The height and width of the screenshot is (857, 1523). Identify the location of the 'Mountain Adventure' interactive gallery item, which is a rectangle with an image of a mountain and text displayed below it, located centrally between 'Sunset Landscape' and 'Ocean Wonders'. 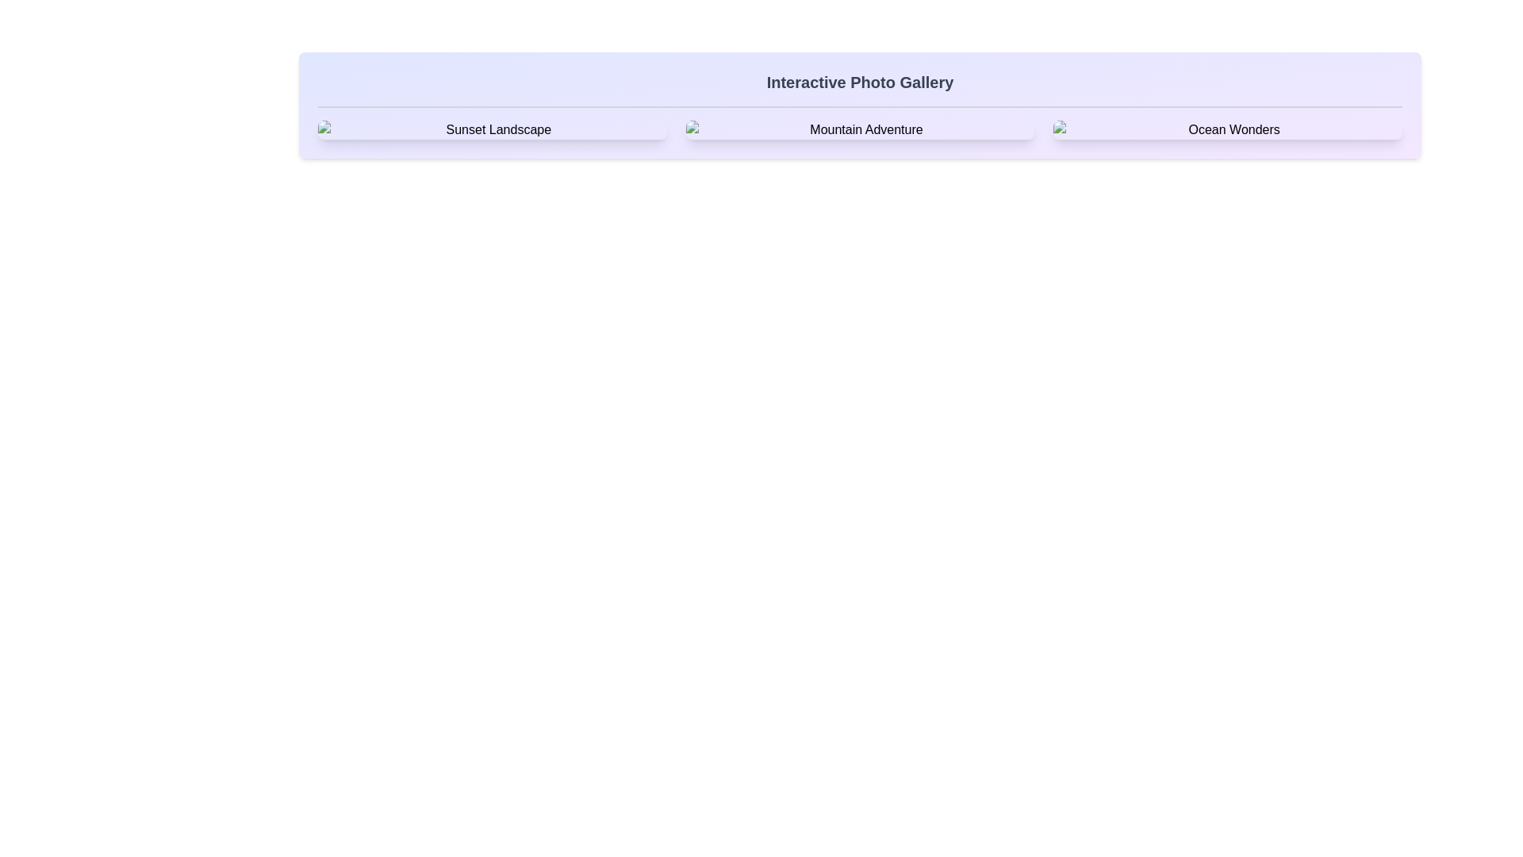
(859, 129).